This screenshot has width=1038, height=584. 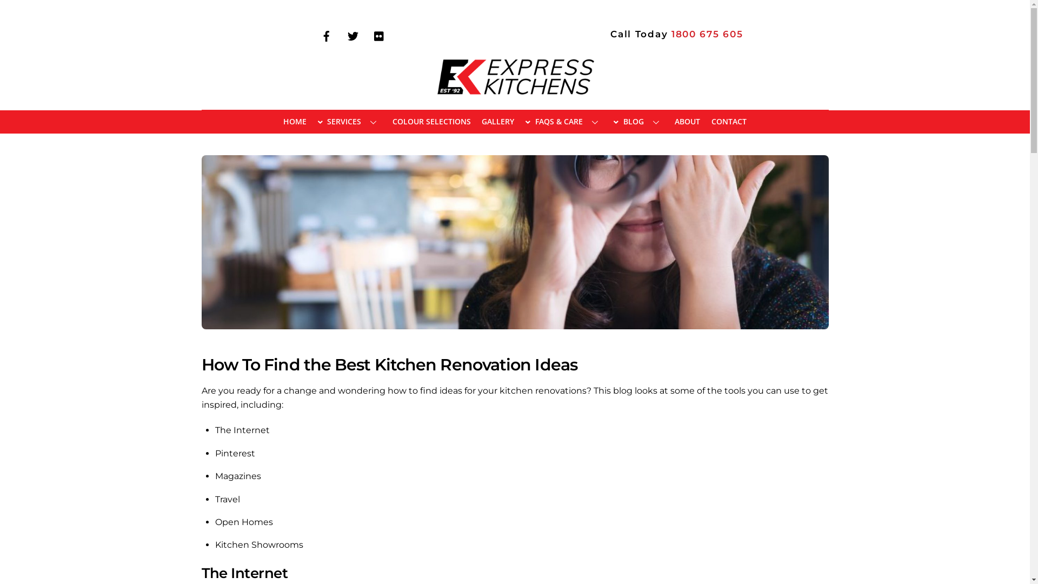 I want to click on 'CONTACT', so click(x=729, y=121).